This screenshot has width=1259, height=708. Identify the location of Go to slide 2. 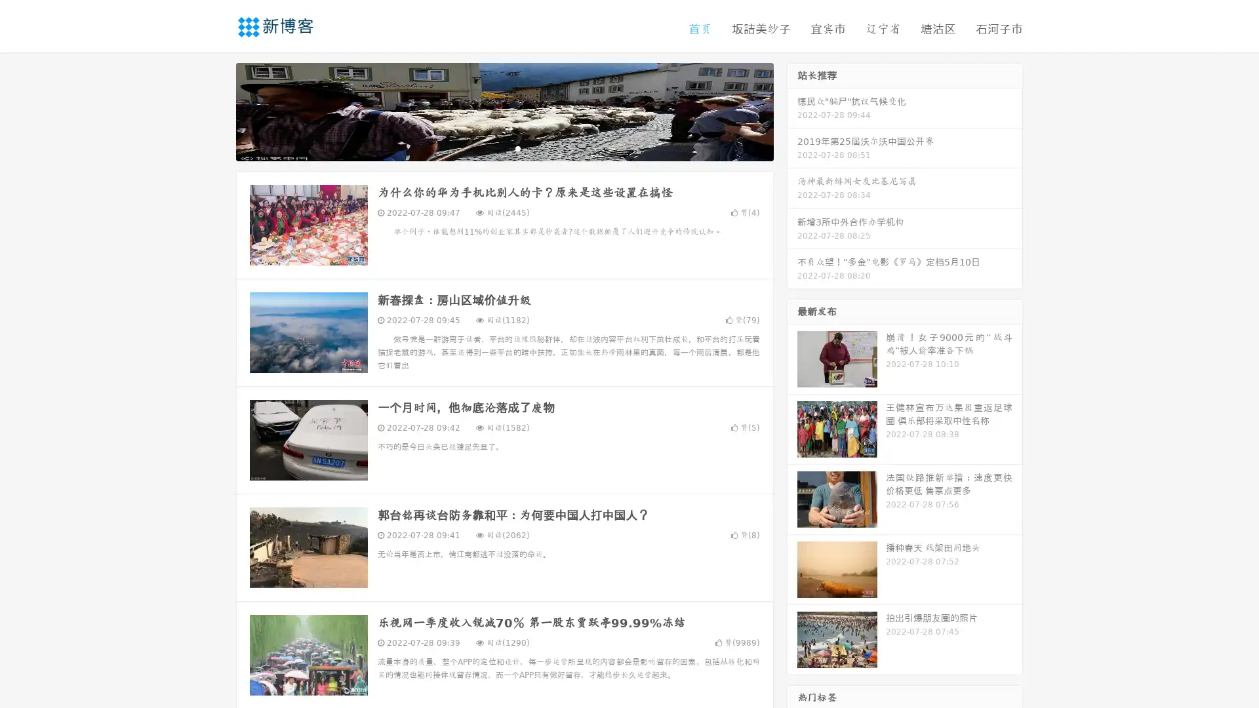
(504, 147).